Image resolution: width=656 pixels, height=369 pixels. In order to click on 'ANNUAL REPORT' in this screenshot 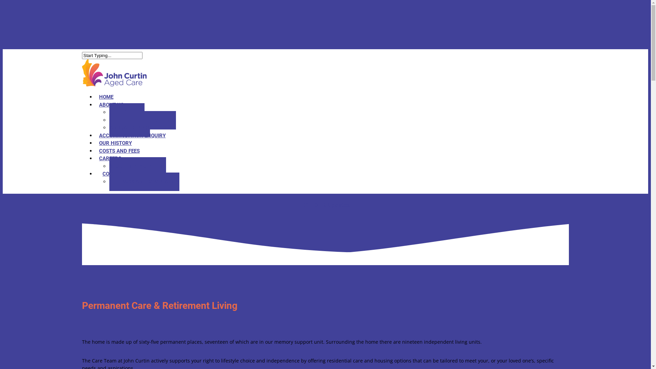, I will do `click(129, 128)`.